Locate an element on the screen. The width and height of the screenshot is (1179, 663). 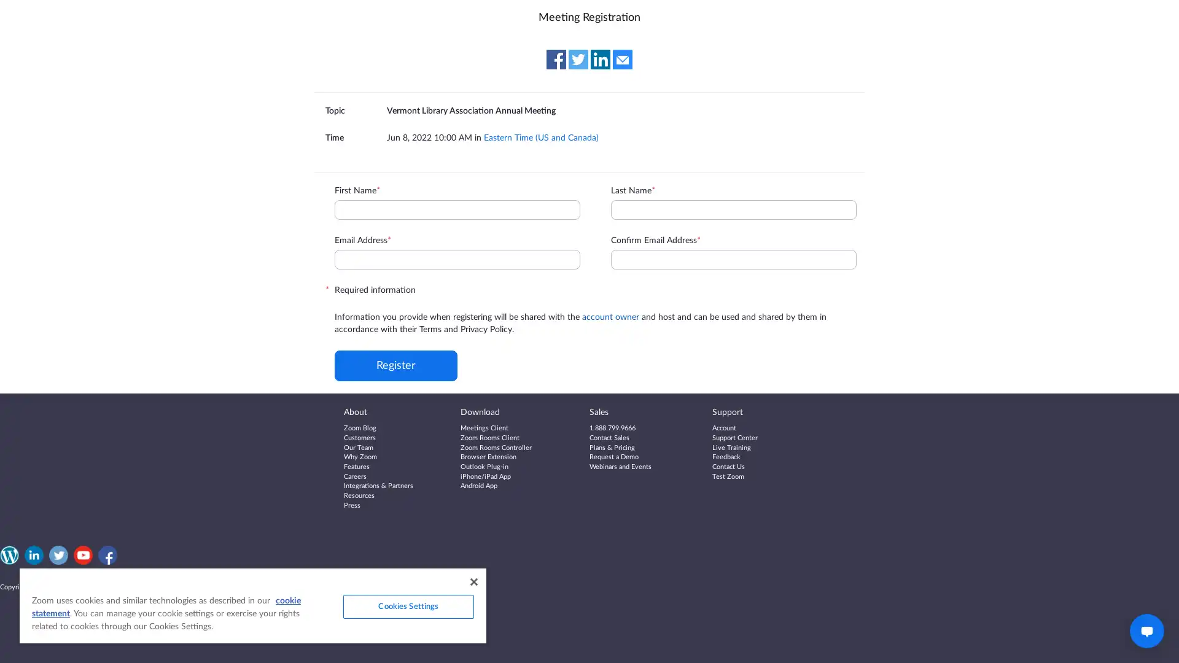
Eastern Time (US and Canada) Switch Time Zone is located at coordinates (540, 137).